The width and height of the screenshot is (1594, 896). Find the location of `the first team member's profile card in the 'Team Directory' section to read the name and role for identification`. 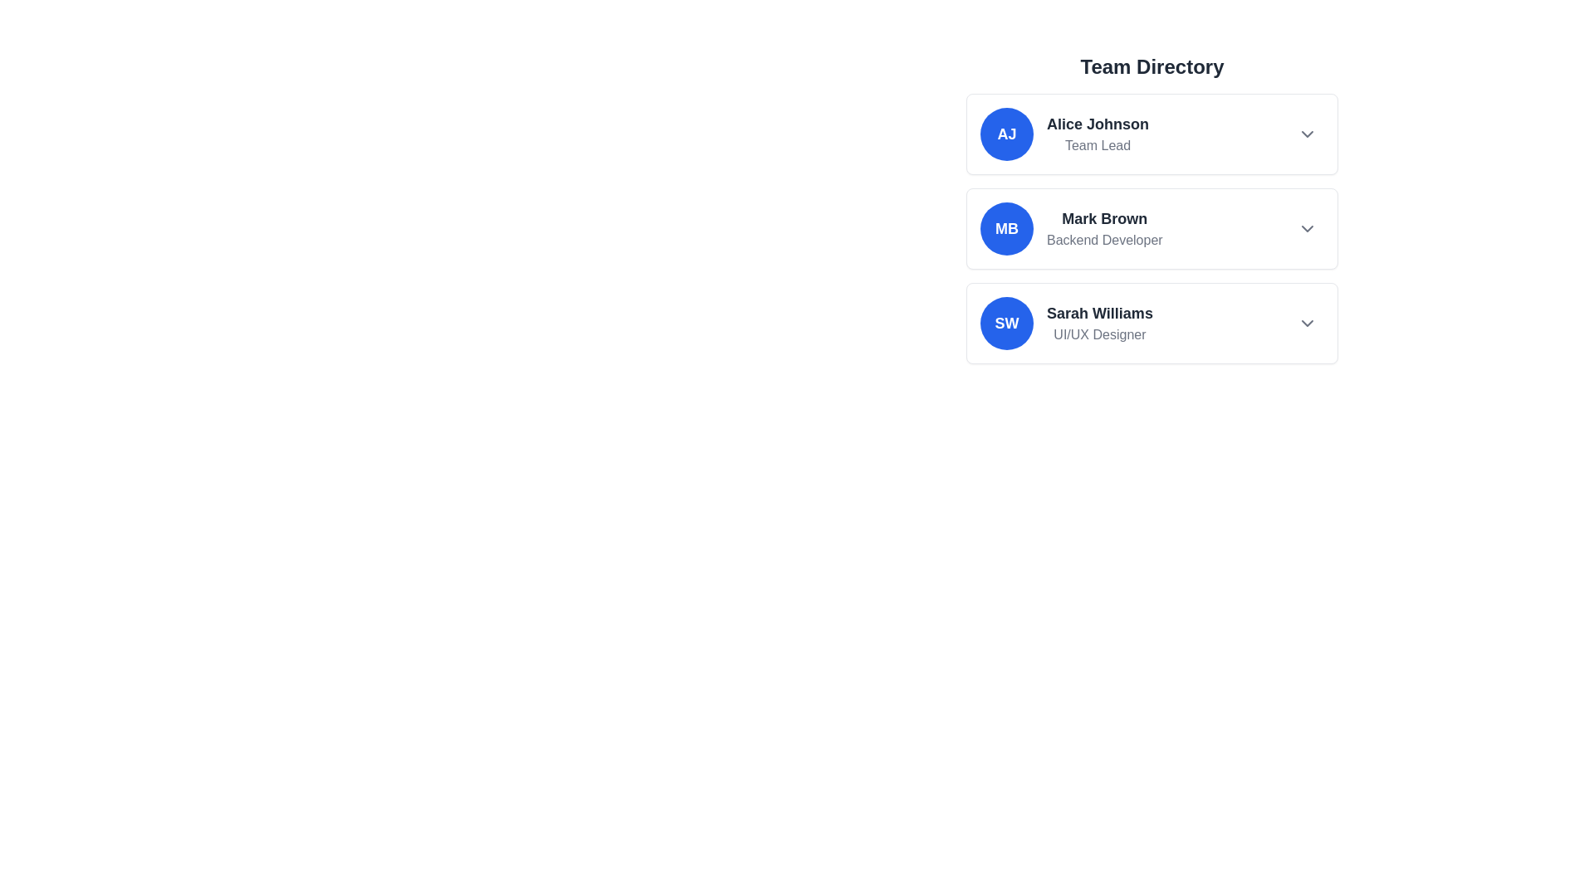

the first team member's profile card in the 'Team Directory' section to read the name and role for identification is located at coordinates (1151, 134).